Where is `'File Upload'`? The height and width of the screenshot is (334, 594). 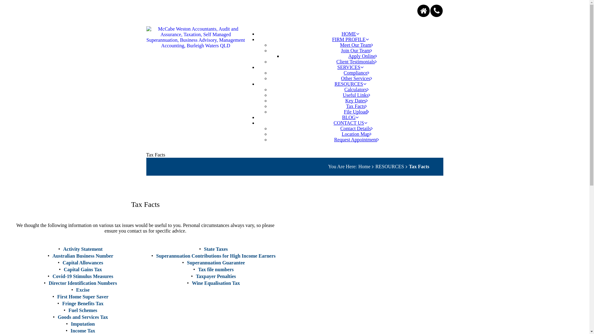
'File Upload' is located at coordinates (356, 112).